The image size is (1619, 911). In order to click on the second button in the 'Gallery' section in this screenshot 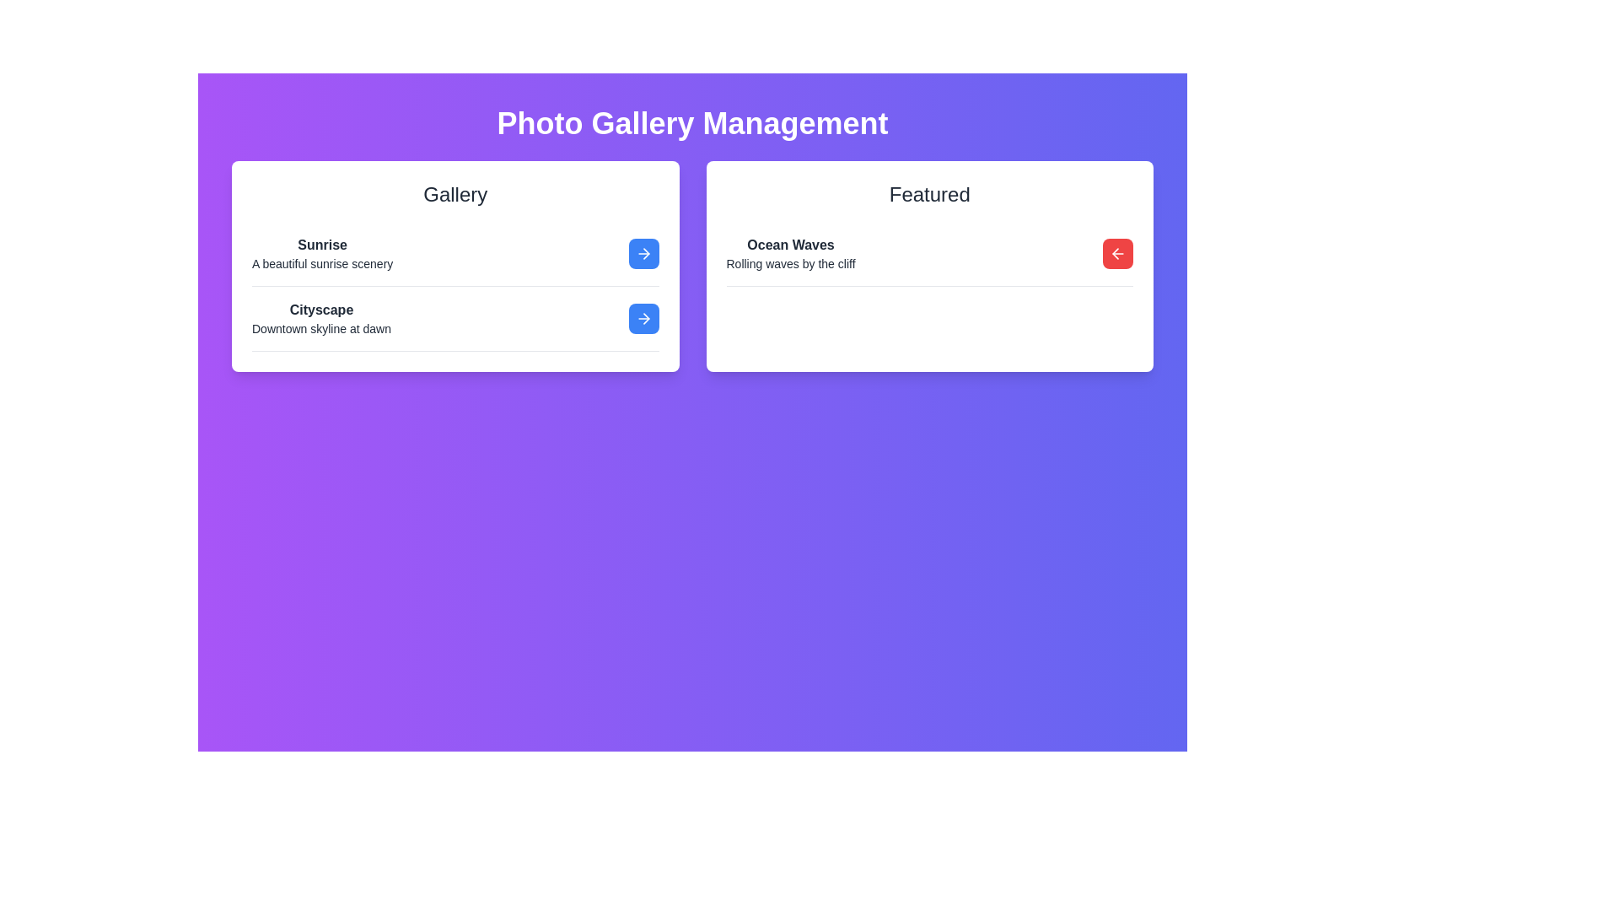, I will do `click(643, 319)`.